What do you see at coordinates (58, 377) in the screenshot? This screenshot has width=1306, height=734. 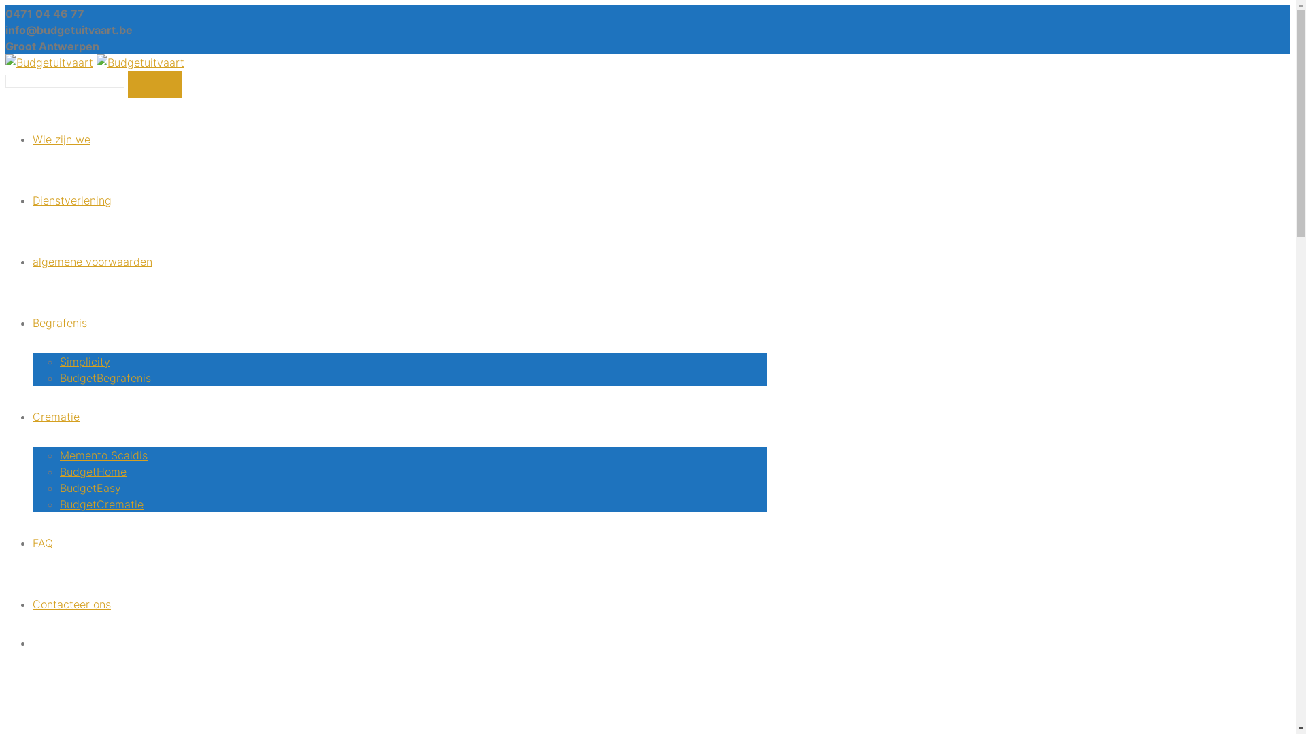 I see `'BudgetBegrafenis'` at bounding box center [58, 377].